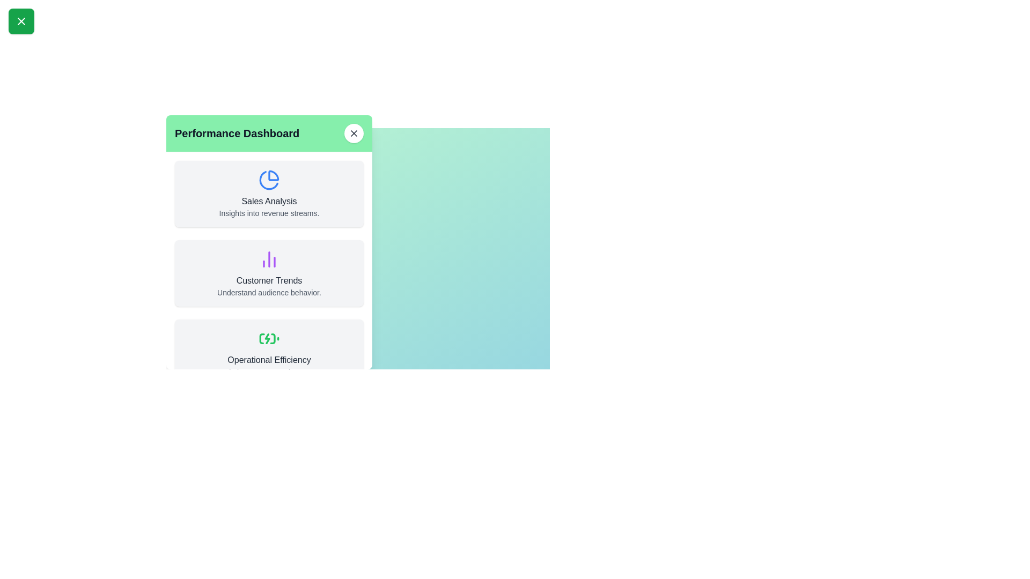  Describe the element at coordinates (354, 133) in the screenshot. I see `the close button represented by an 'X' icon, located at the top-right corner of the green title bar labeled 'Performance Dashboard'` at that location.